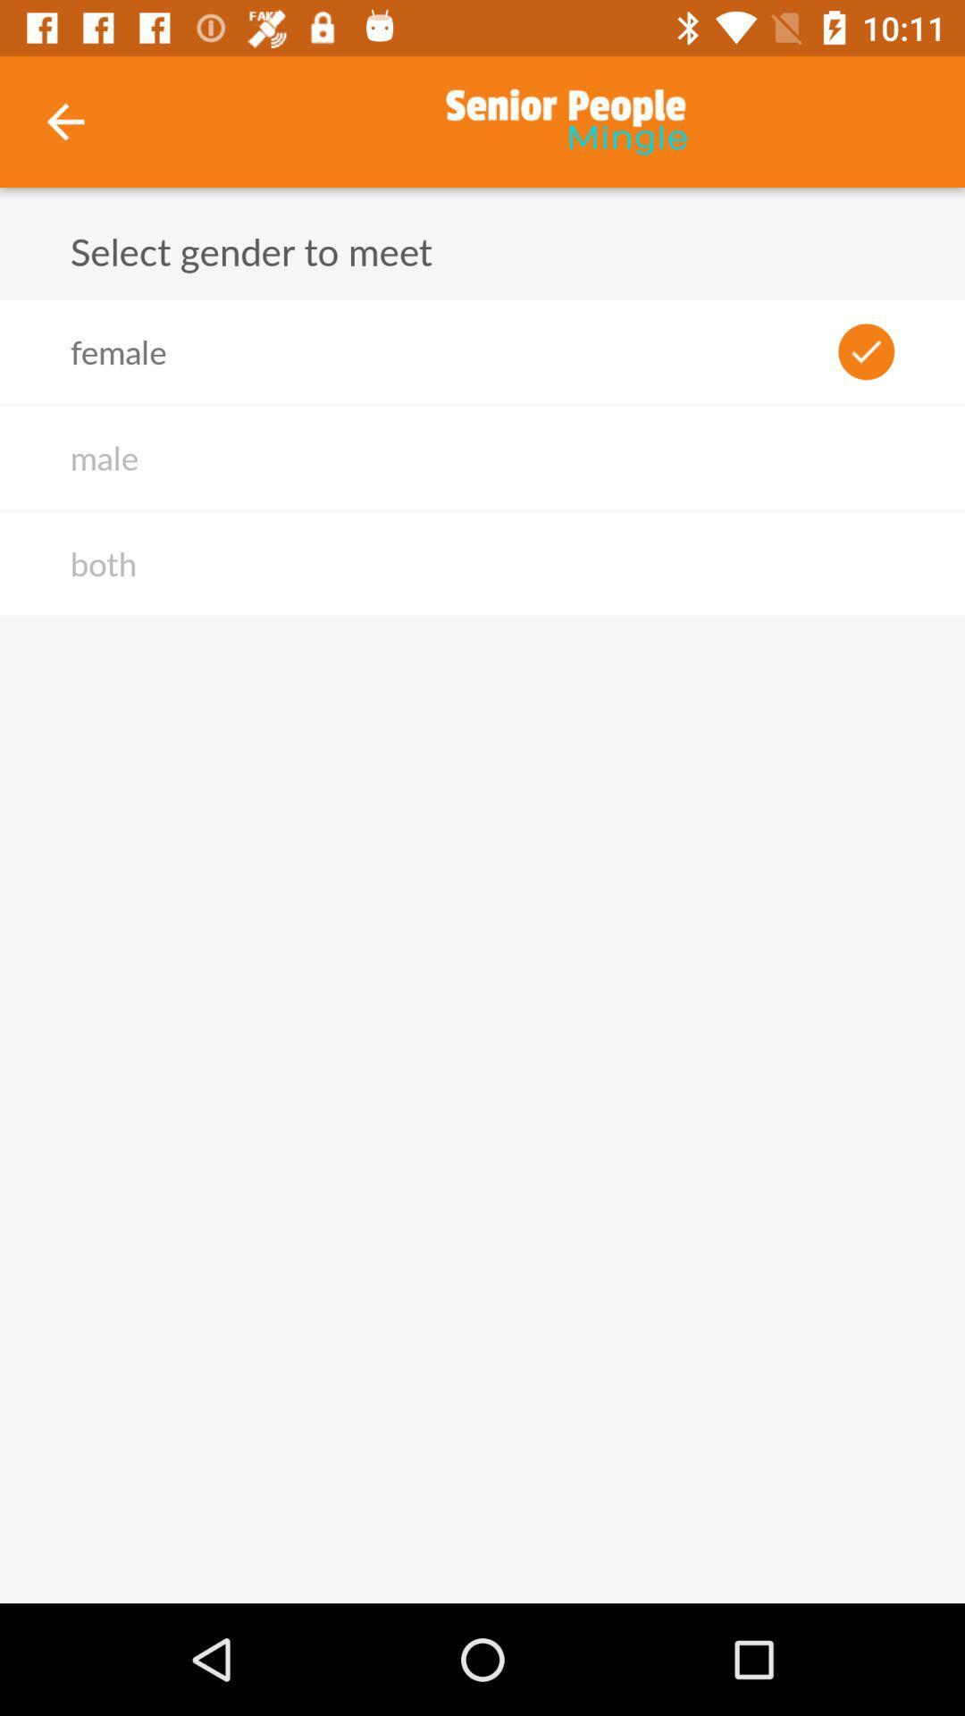 The height and width of the screenshot is (1716, 965). What do you see at coordinates (104, 457) in the screenshot?
I see `male icon` at bounding box center [104, 457].